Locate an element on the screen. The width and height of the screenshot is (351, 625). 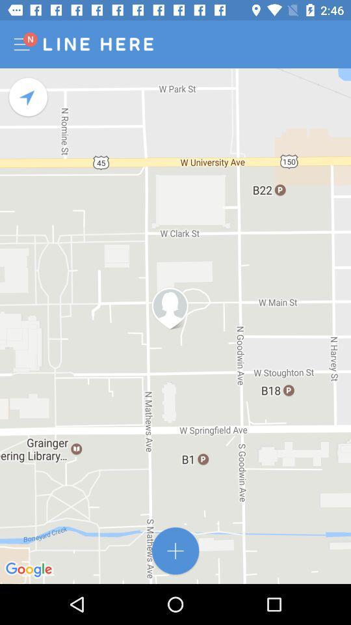
the menu icon is located at coordinates (23, 44).